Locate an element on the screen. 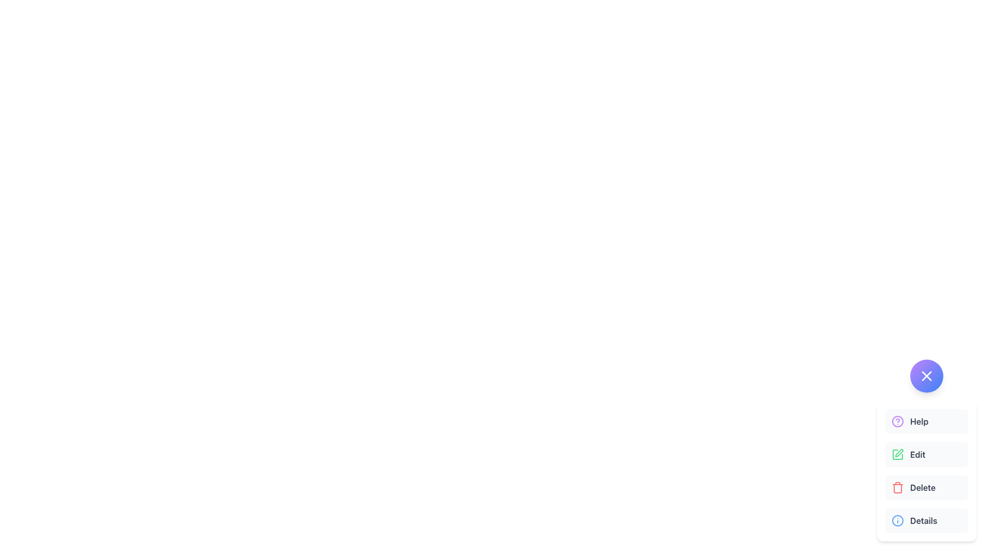  text content of the help button label located to the right of the purple help icon in the vertical menu on the right side of the interface is located at coordinates (919, 422).